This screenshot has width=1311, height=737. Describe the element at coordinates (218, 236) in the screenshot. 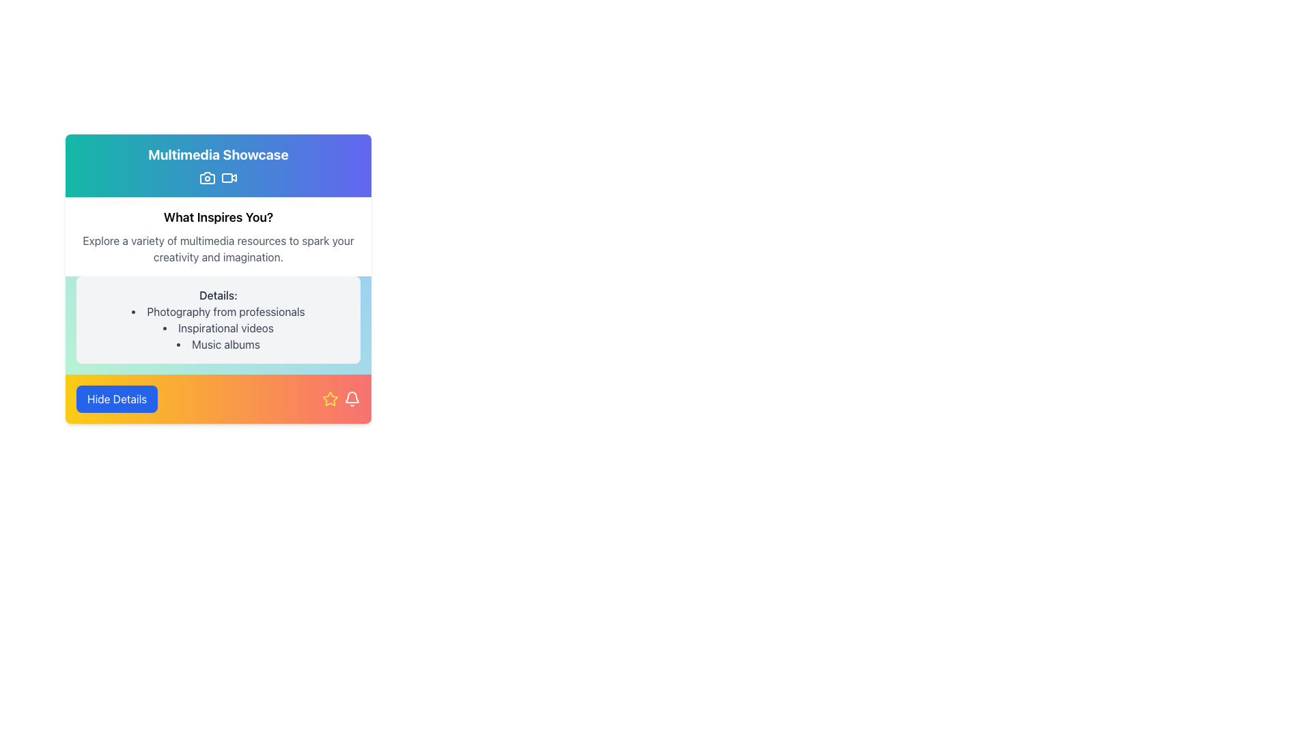

I see `the static text block that provides a general description or motivational content, which is located centrally beneath the header 'Multimedia Showcase' and above the section titled 'Details'` at that location.